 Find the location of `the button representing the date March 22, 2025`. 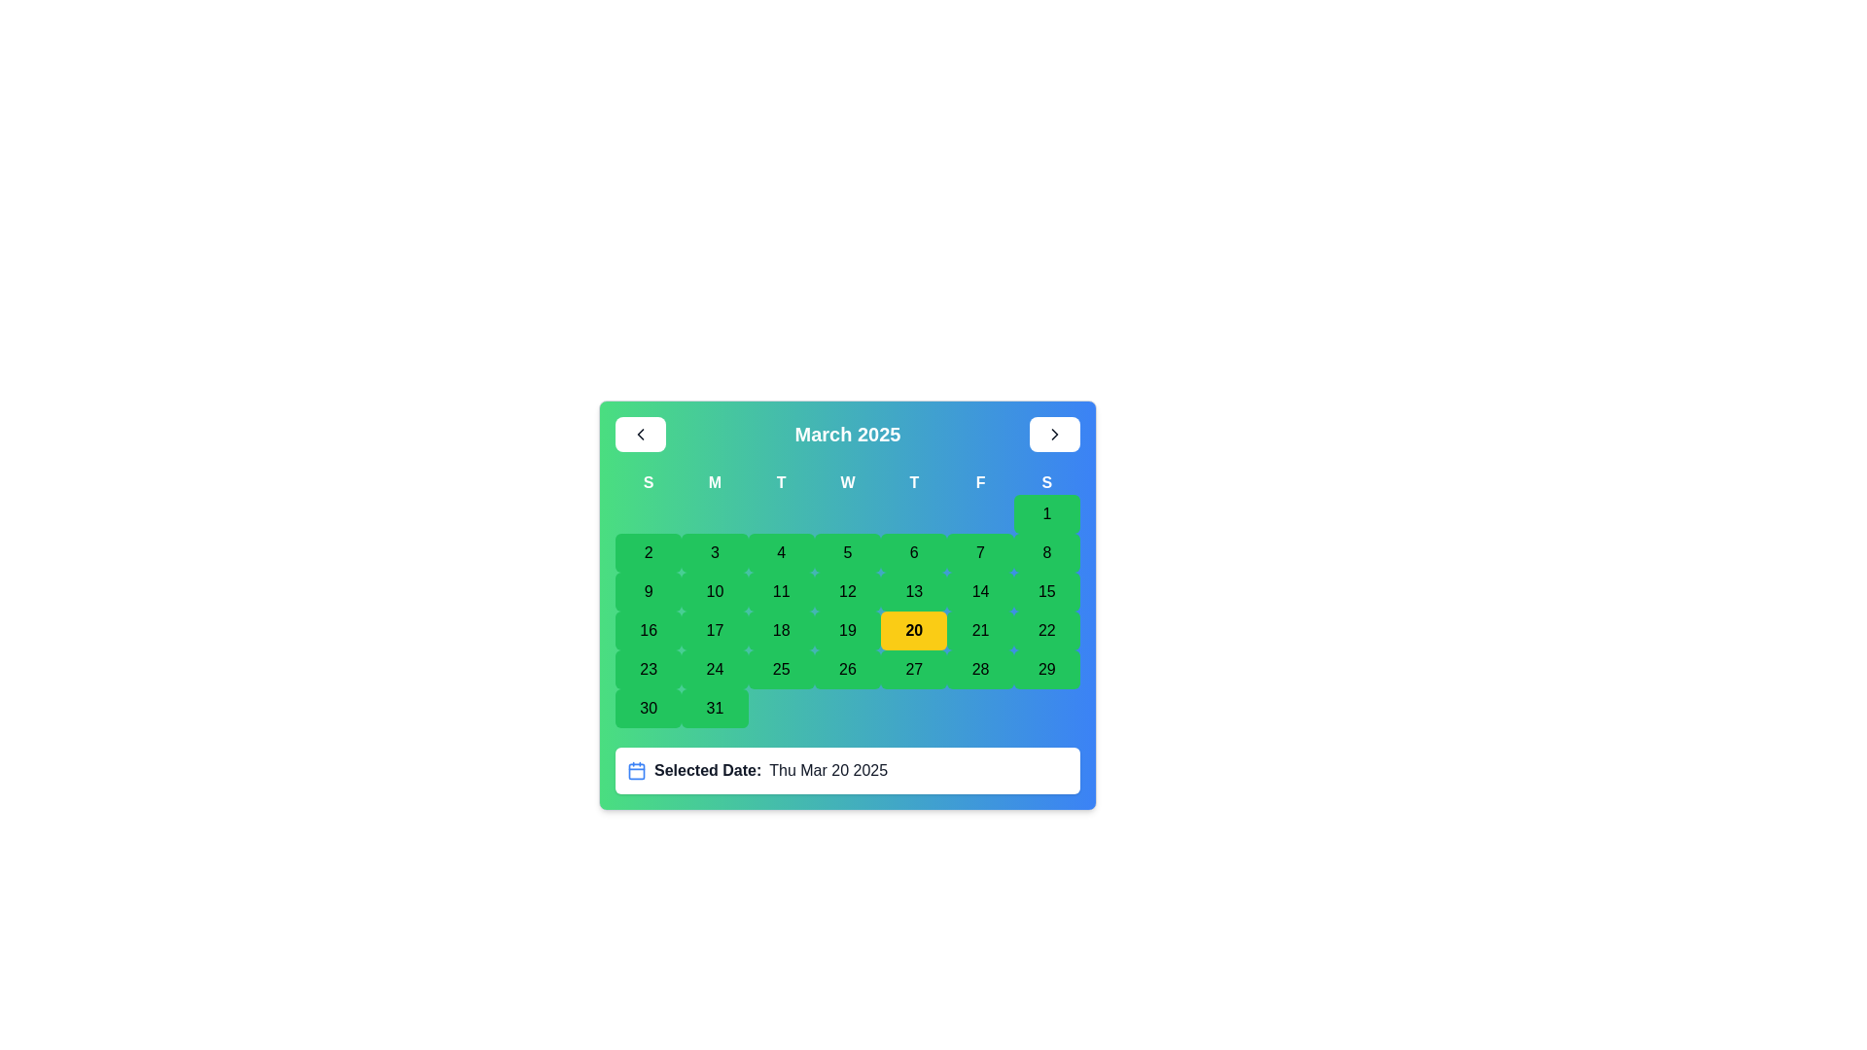

the button representing the date March 22, 2025 is located at coordinates (1045, 630).